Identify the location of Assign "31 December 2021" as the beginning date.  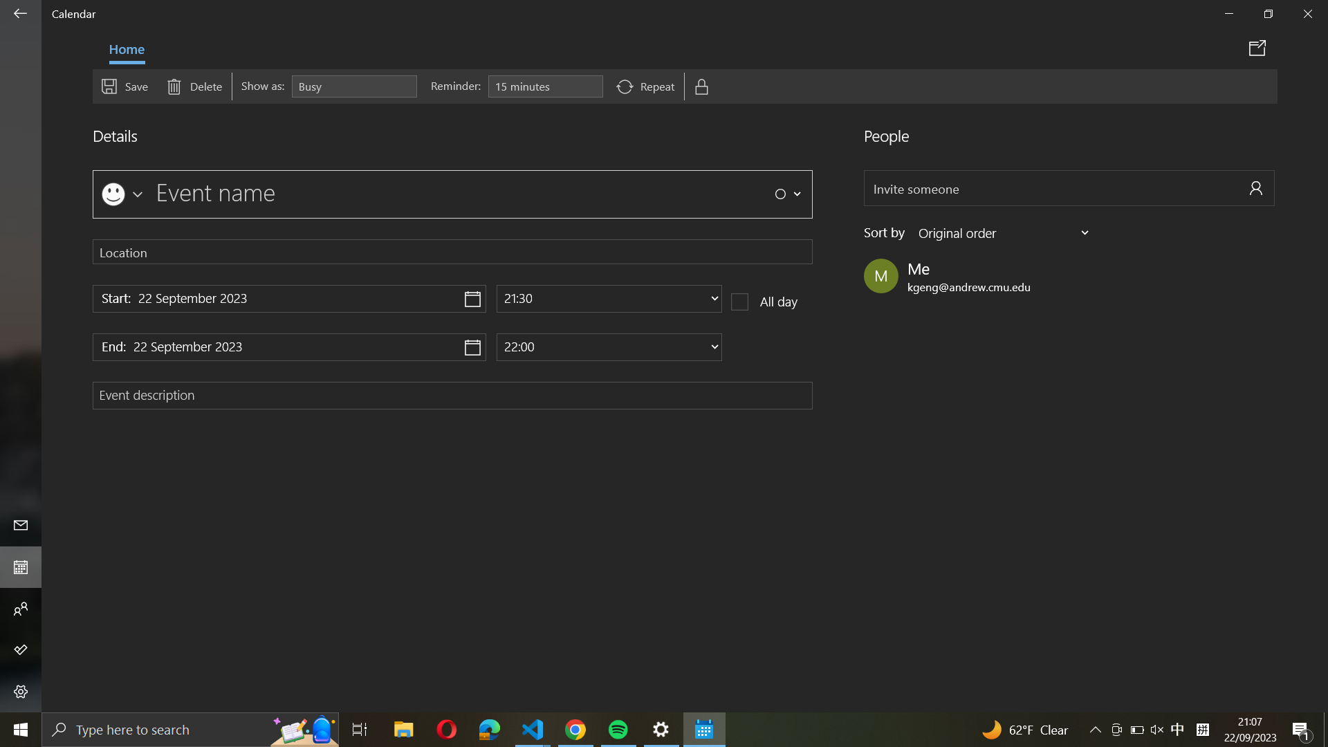
(288, 298).